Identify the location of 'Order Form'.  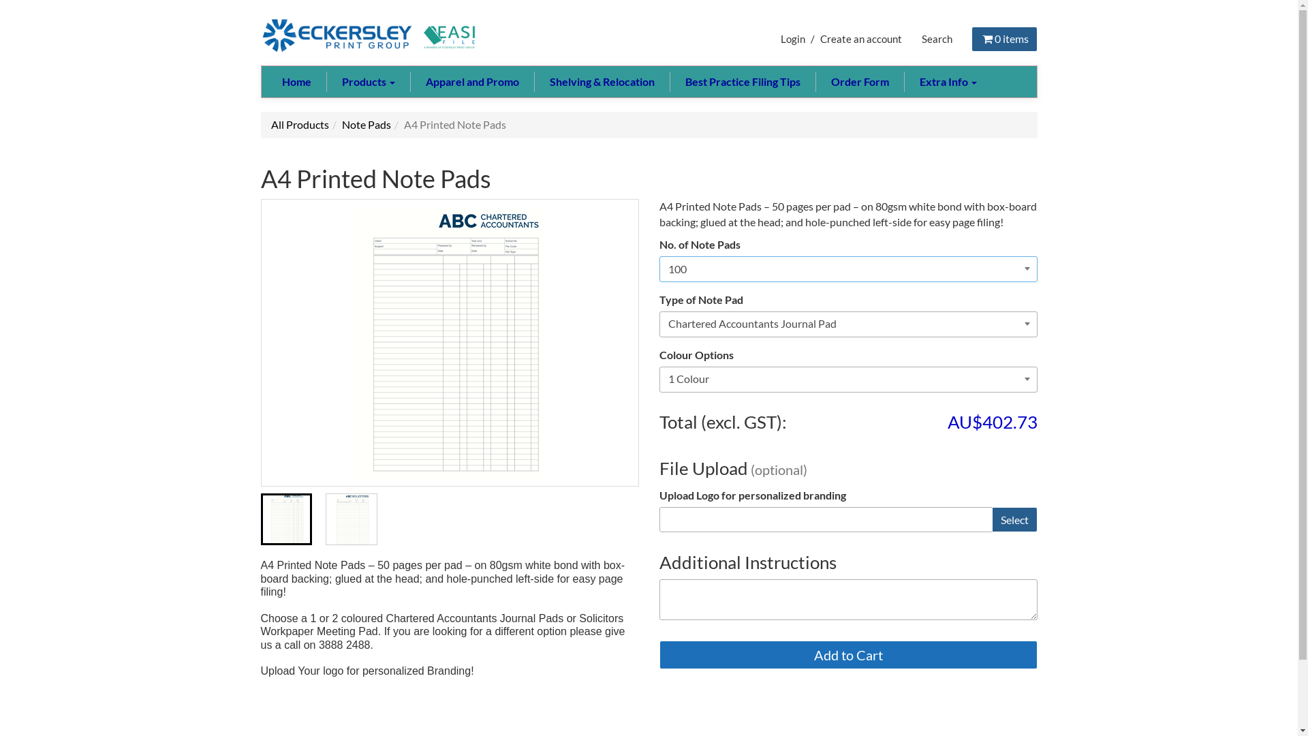
(858, 81).